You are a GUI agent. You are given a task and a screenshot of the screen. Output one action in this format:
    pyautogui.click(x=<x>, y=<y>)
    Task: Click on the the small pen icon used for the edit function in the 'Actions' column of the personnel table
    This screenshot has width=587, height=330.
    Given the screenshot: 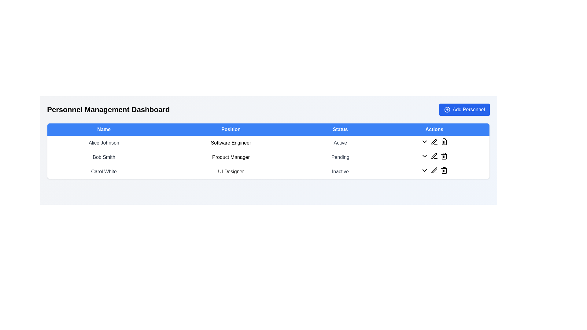 What is the action you would take?
    pyautogui.click(x=434, y=141)
    